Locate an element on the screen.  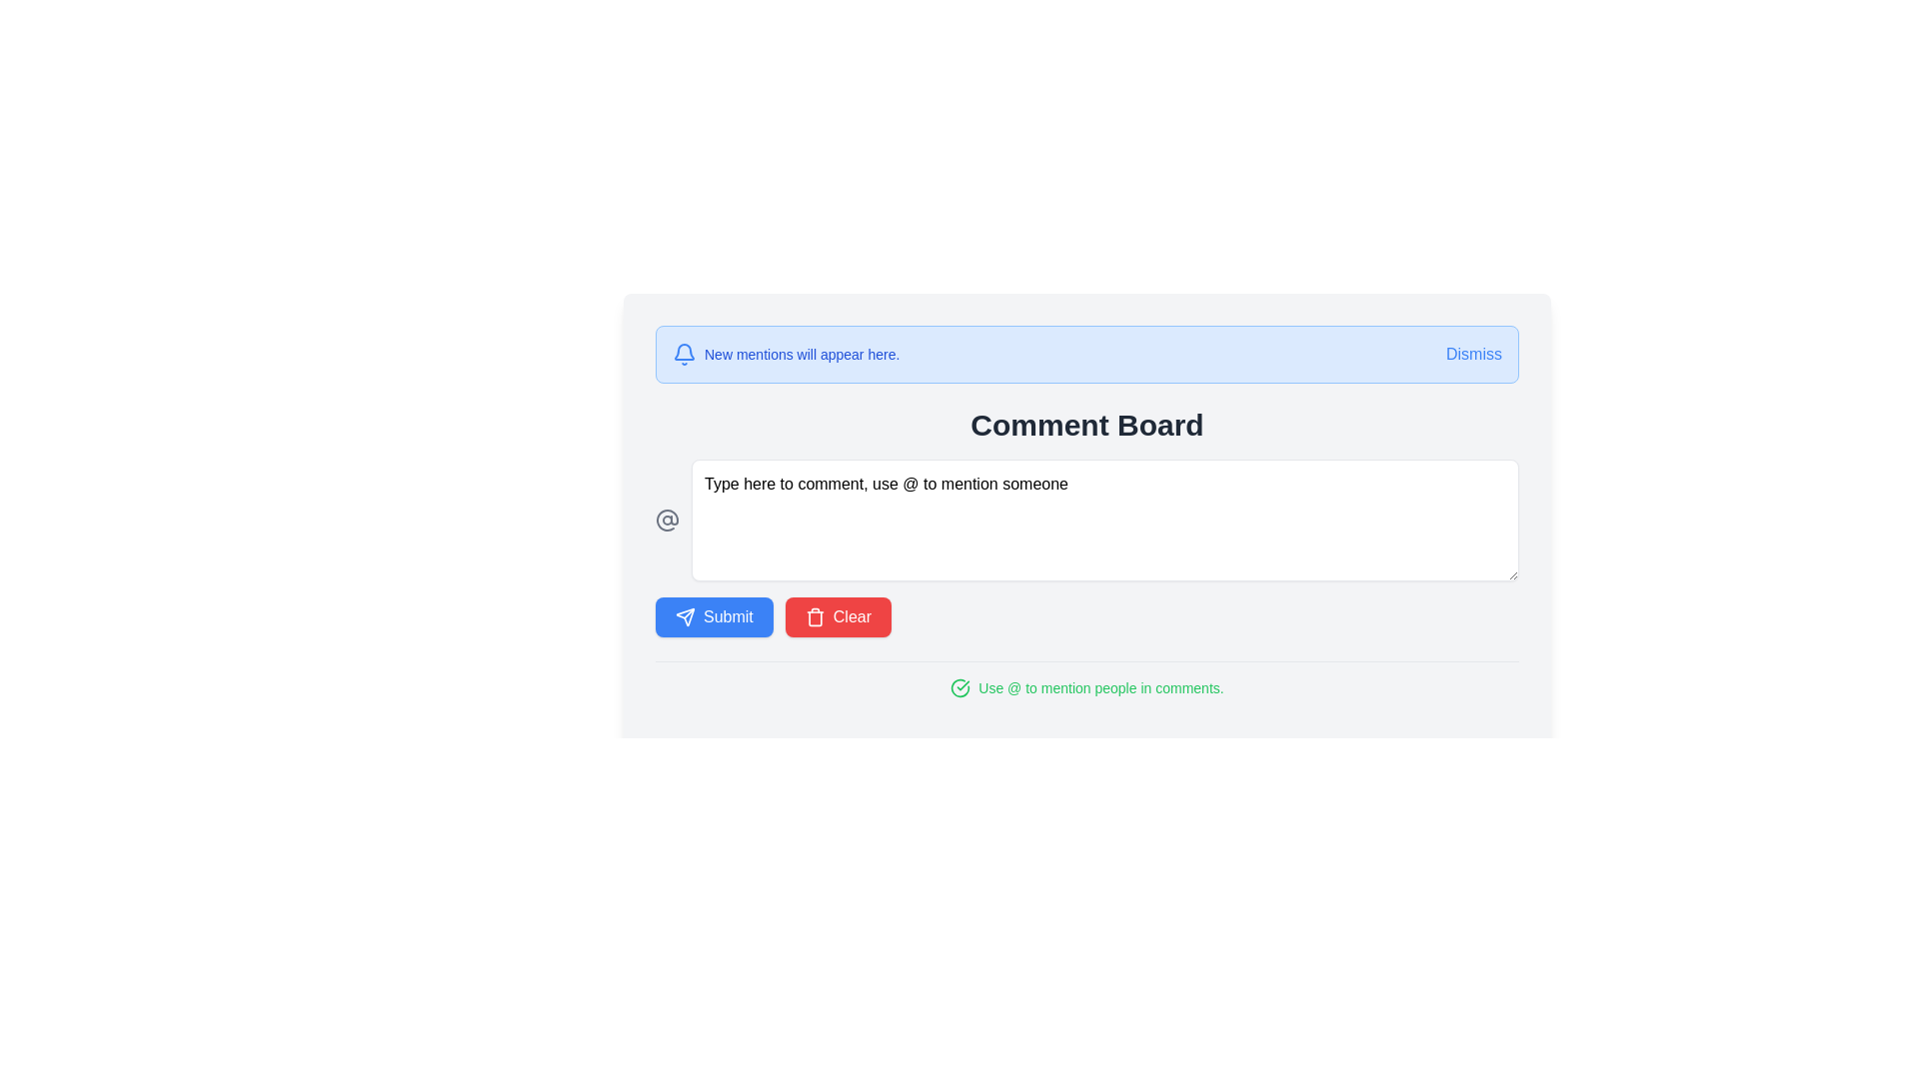
the trash bin icon located on the left side of the 'Clear' button, which is below the text input field and to the right of the 'Submit' button is located at coordinates (815, 615).